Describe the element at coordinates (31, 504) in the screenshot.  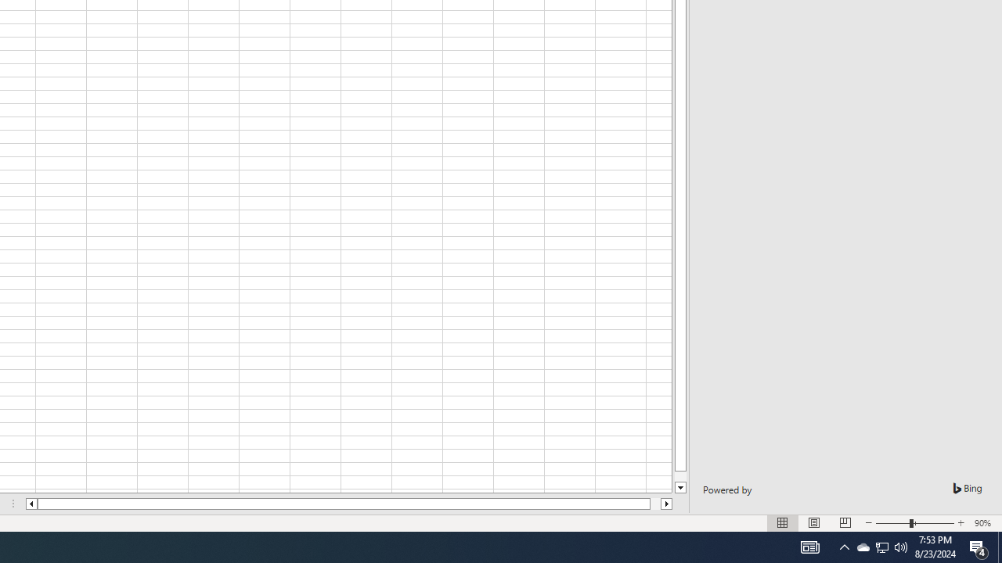
I see `'Column left'` at that location.